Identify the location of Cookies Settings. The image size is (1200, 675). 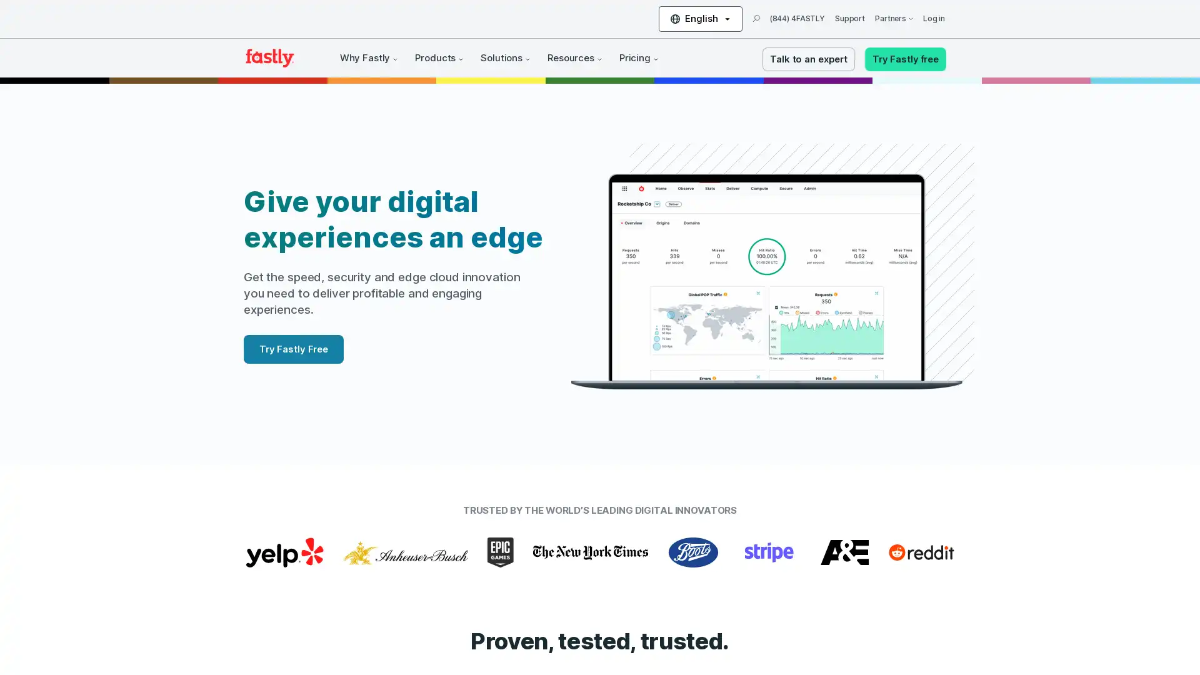
(127, 627).